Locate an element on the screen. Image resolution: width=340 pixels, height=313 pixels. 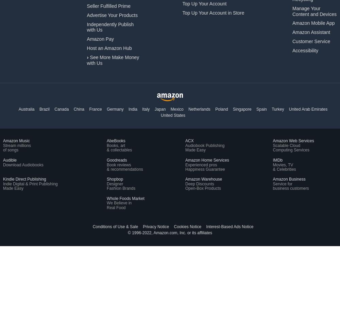
'business customers' is located at coordinates (290, 188).